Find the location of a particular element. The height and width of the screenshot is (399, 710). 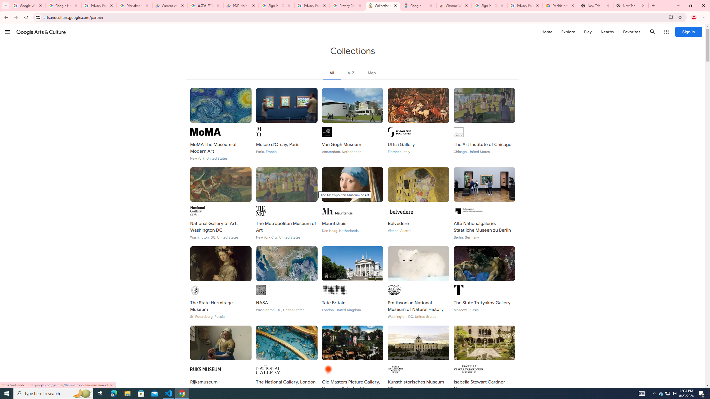

'Nearby' is located at coordinates (607, 32).